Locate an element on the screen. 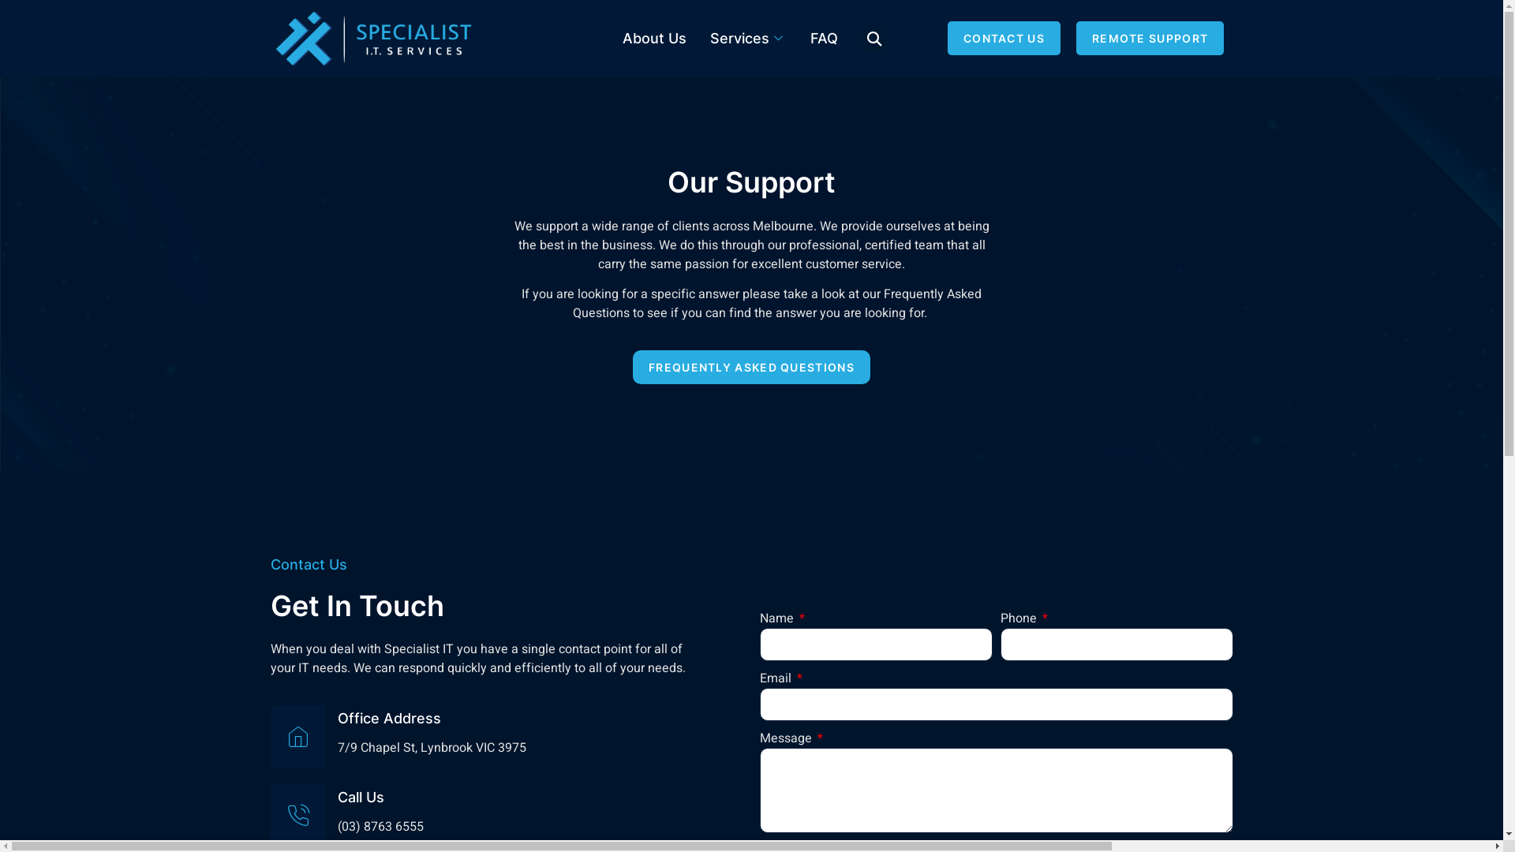 The image size is (1515, 852). 'CONTACT US' is located at coordinates (1003, 37).